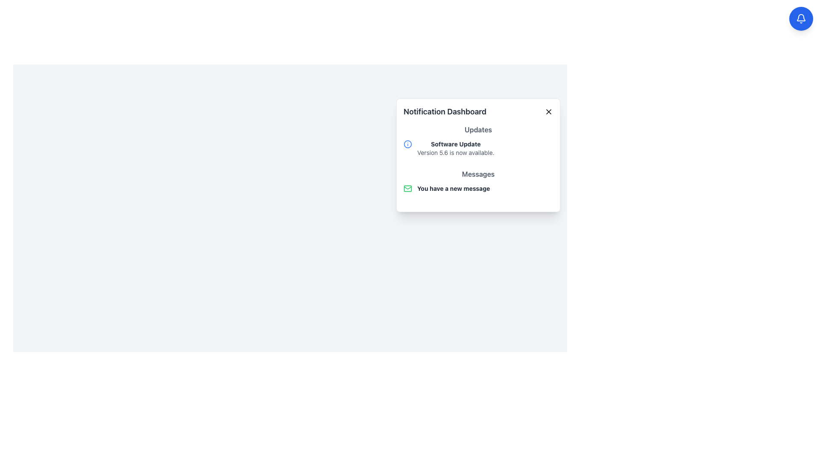 The image size is (820, 461). Describe the element at coordinates (801, 18) in the screenshot. I see `the bell notification icon located in the top-right corner of the interface` at that location.